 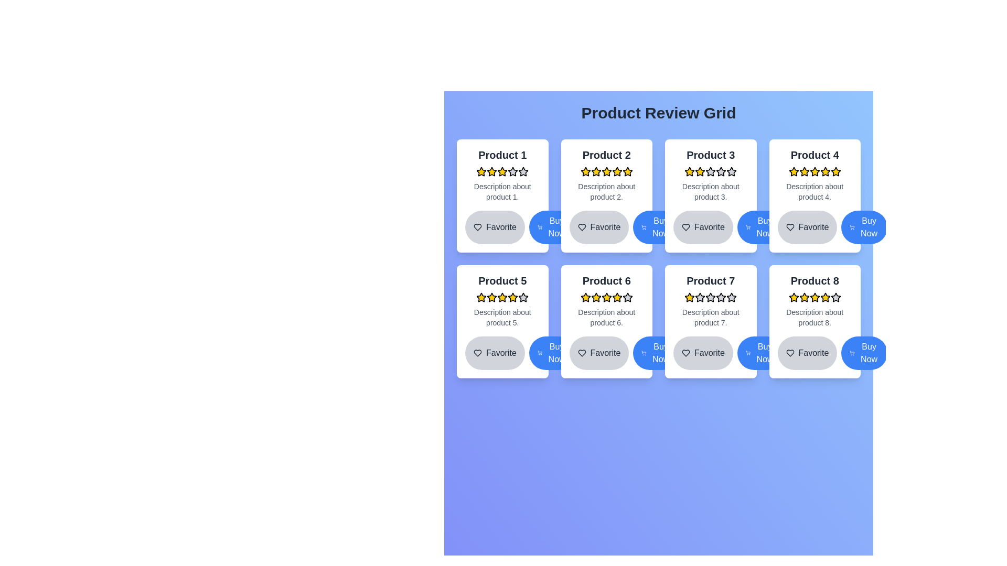 What do you see at coordinates (513, 171) in the screenshot?
I see `the fifth star icon in the 5-star rating component of 'Product 1'` at bounding box center [513, 171].